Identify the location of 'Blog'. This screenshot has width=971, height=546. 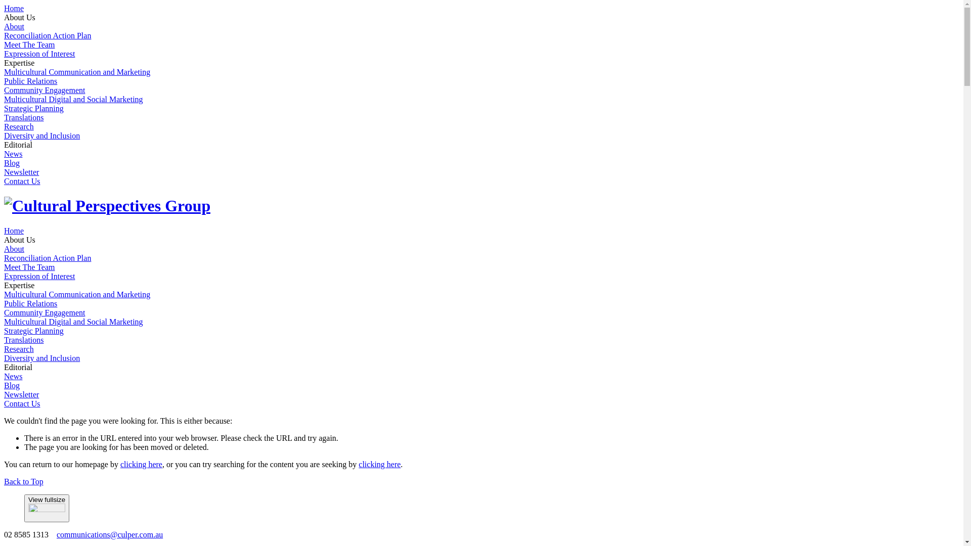
(12, 385).